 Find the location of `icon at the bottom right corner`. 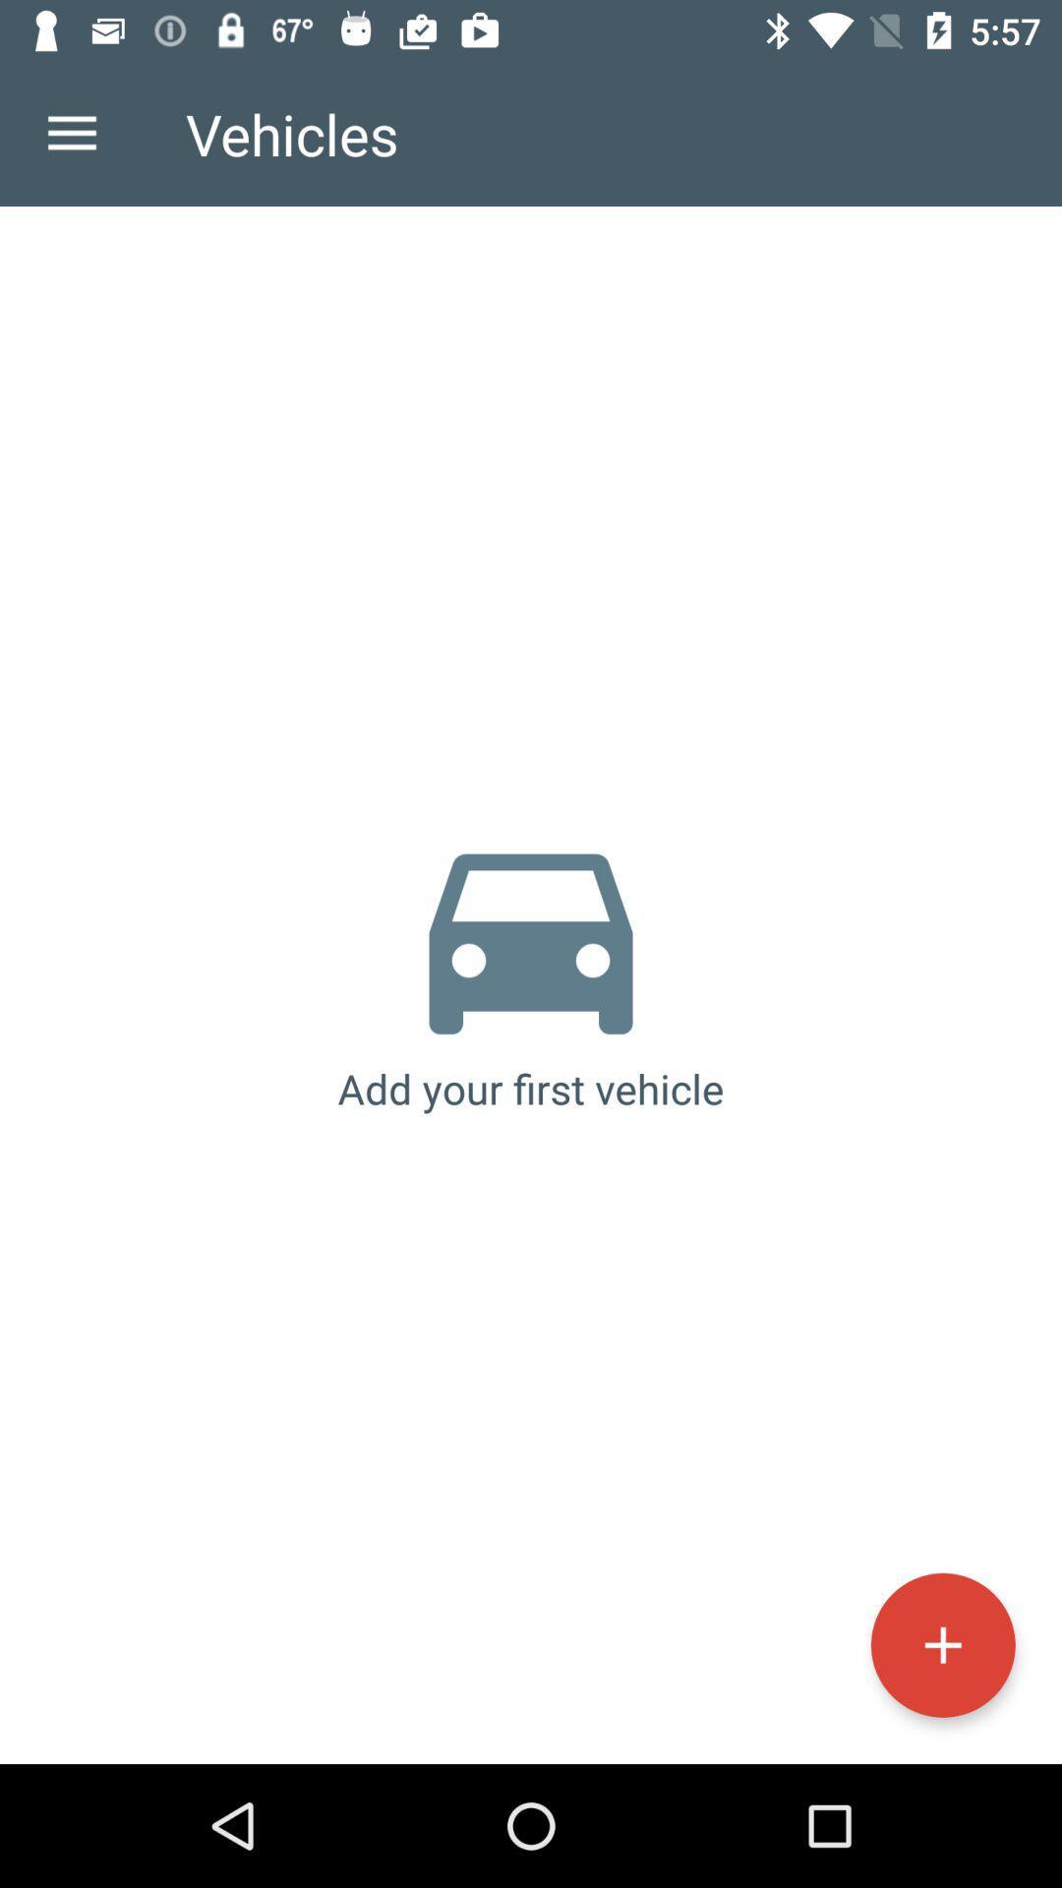

icon at the bottom right corner is located at coordinates (942, 1645).